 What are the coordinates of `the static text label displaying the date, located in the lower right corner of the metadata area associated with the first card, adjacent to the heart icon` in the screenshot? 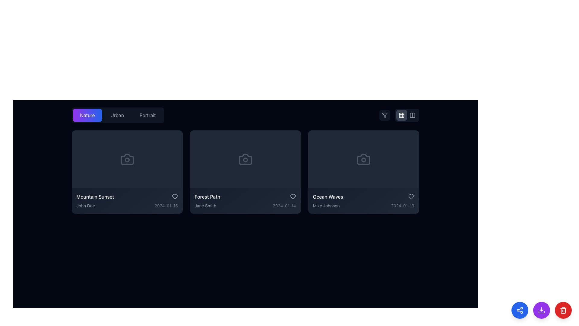 It's located at (166, 206).